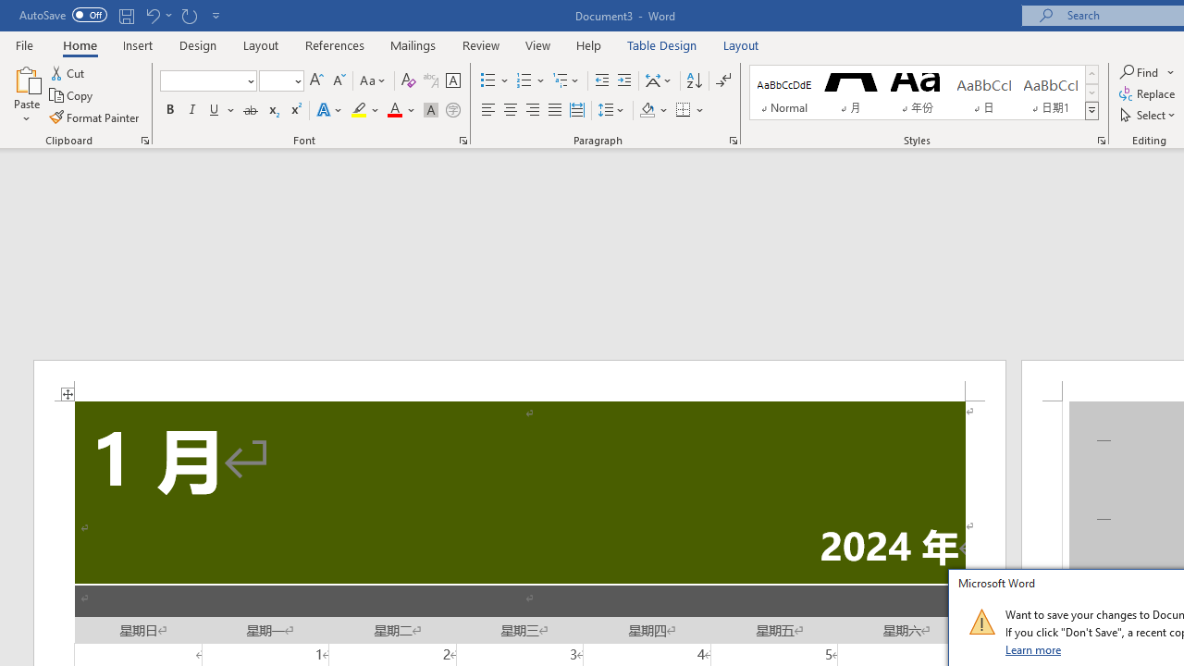 The image size is (1184, 666). I want to click on 'Align Right', so click(532, 110).